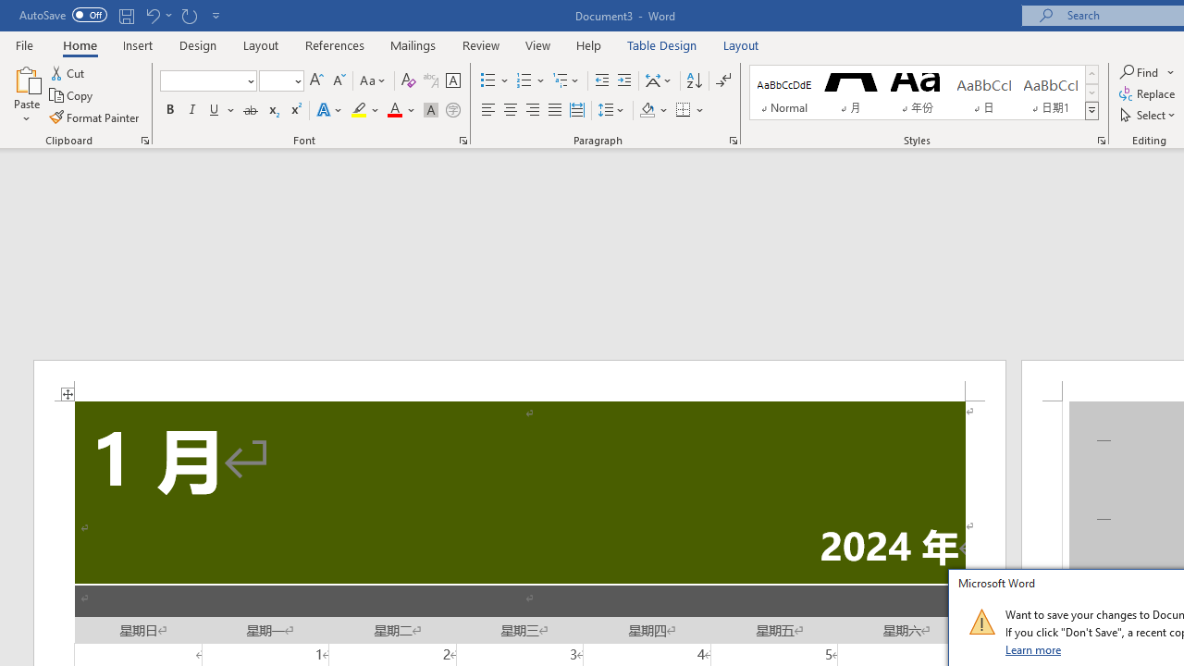 The image size is (1184, 666). I want to click on 'Align Right', so click(532, 110).